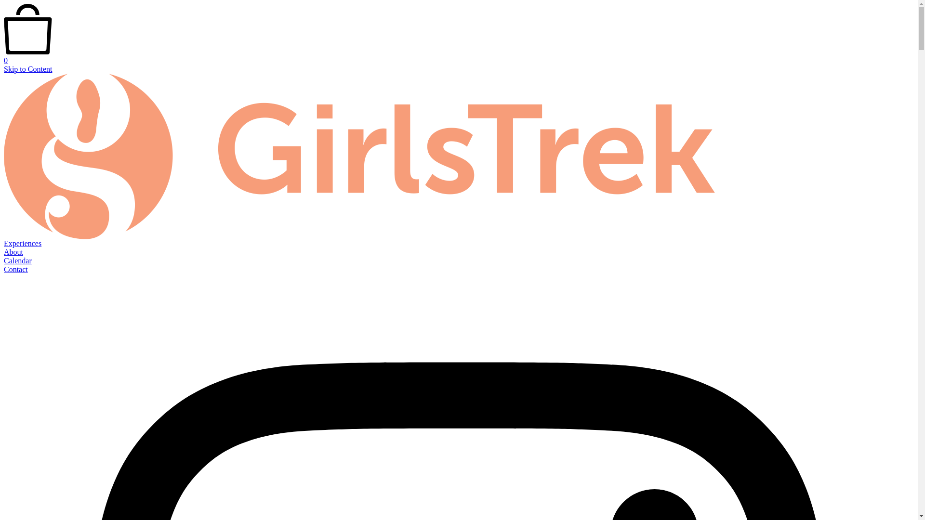  I want to click on 'Experiences', so click(4, 243).